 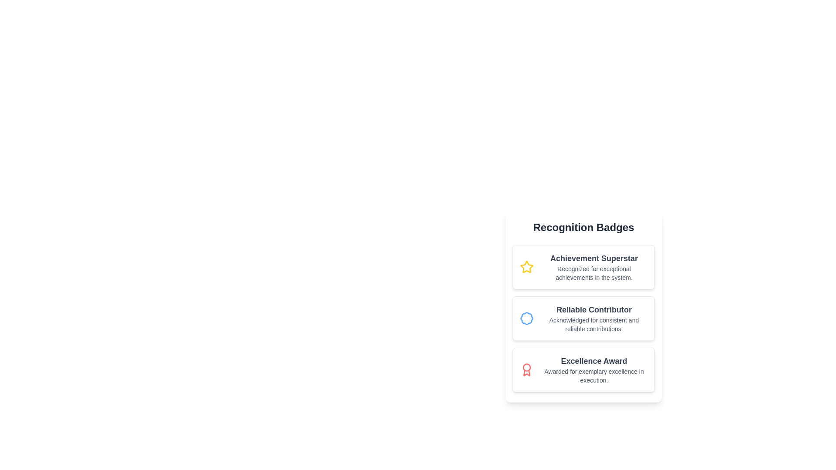 What do you see at coordinates (526, 367) in the screenshot?
I see `the decorative SVG Circle at the top center of the badge icon, which signifies recognition or achievement` at bounding box center [526, 367].